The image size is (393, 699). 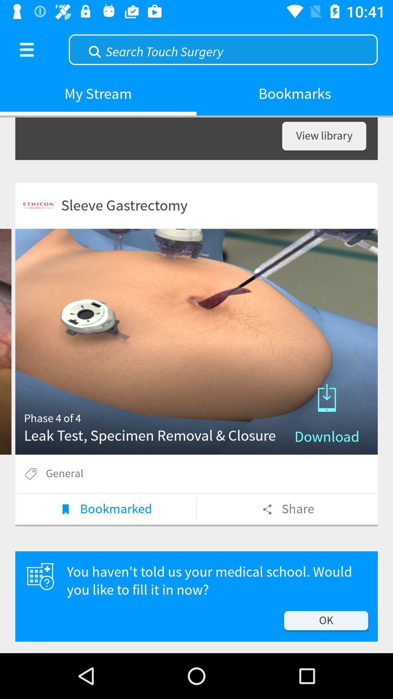 What do you see at coordinates (326, 620) in the screenshot?
I see `the icon below you haven t item` at bounding box center [326, 620].